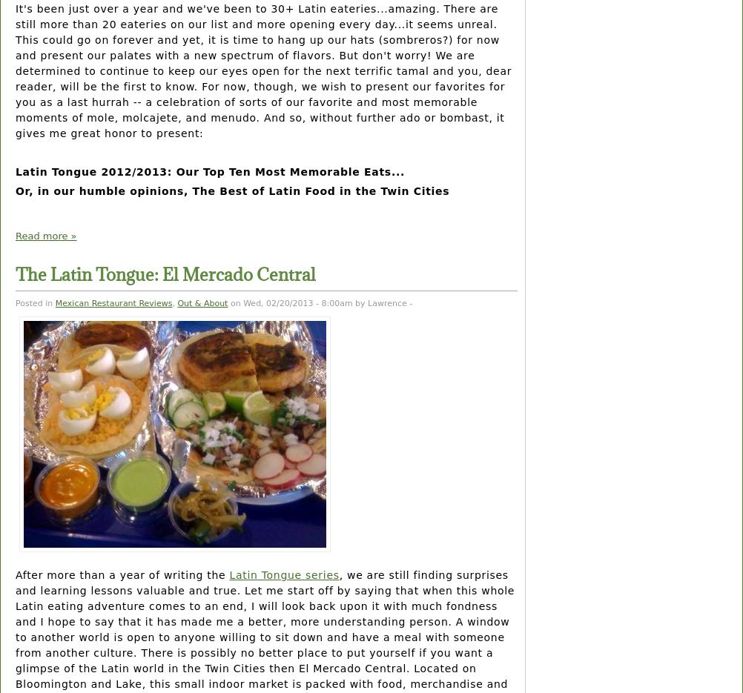 Image resolution: width=743 pixels, height=693 pixels. Describe the element at coordinates (319, 302) in the screenshot. I see `'on Wed, 02/20/2013 - 8:00am by Lawrence -'` at that location.